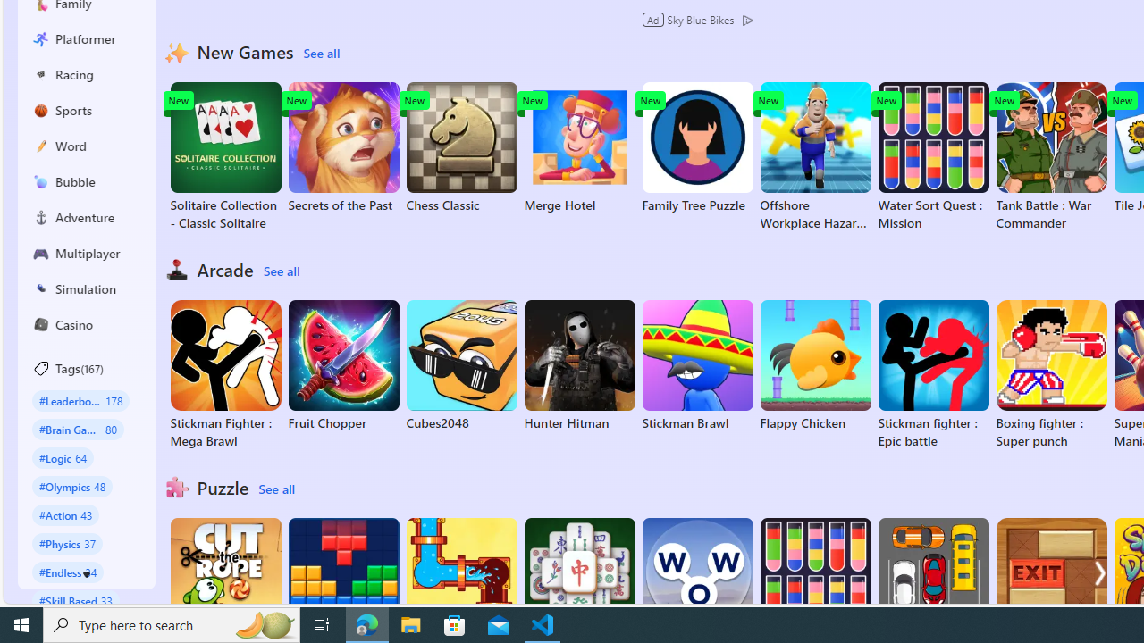  I want to click on 'Fruit Chopper', so click(343, 365).